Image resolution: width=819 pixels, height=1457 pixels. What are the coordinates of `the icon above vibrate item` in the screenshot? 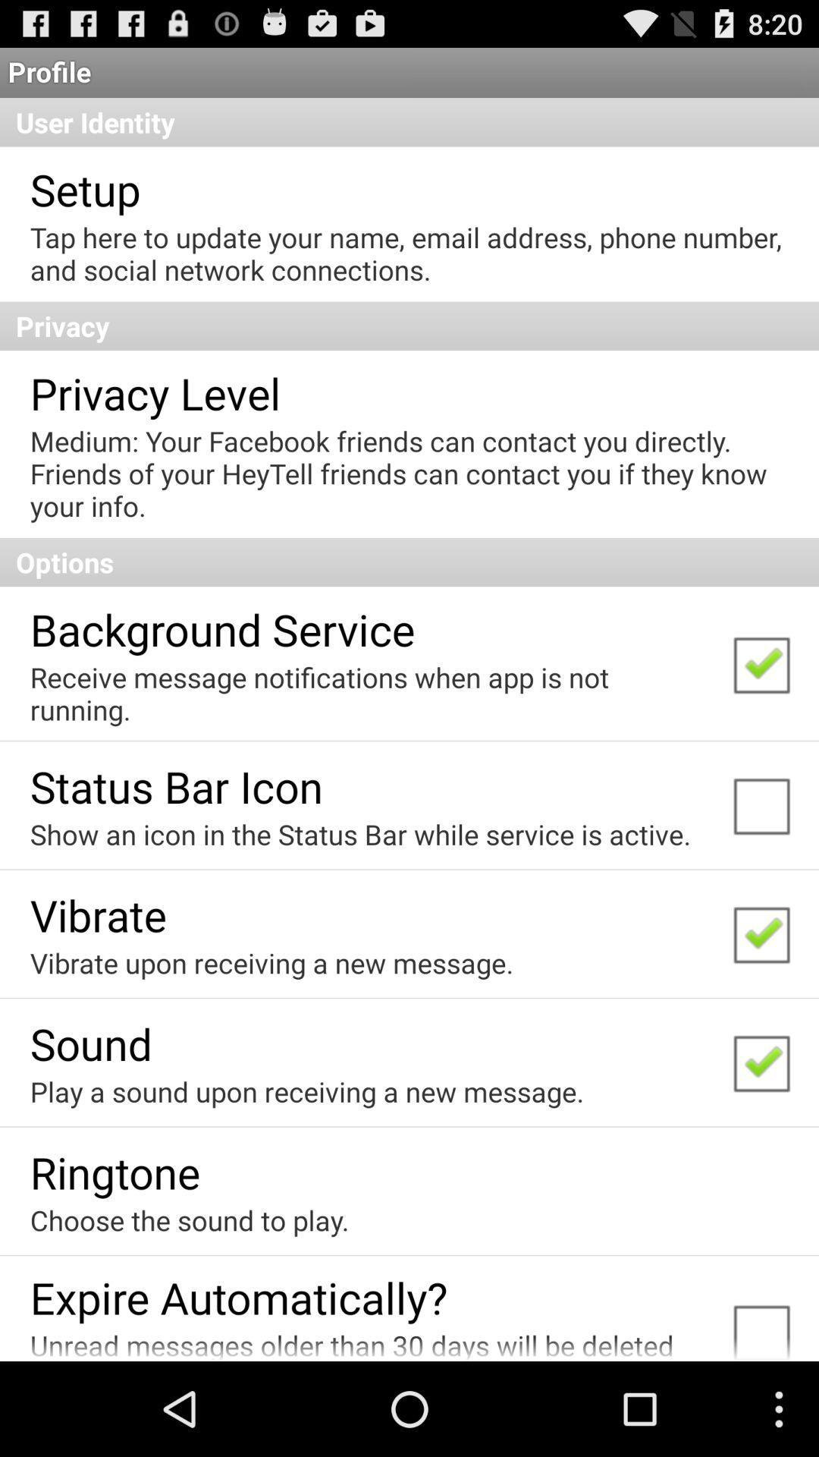 It's located at (360, 833).